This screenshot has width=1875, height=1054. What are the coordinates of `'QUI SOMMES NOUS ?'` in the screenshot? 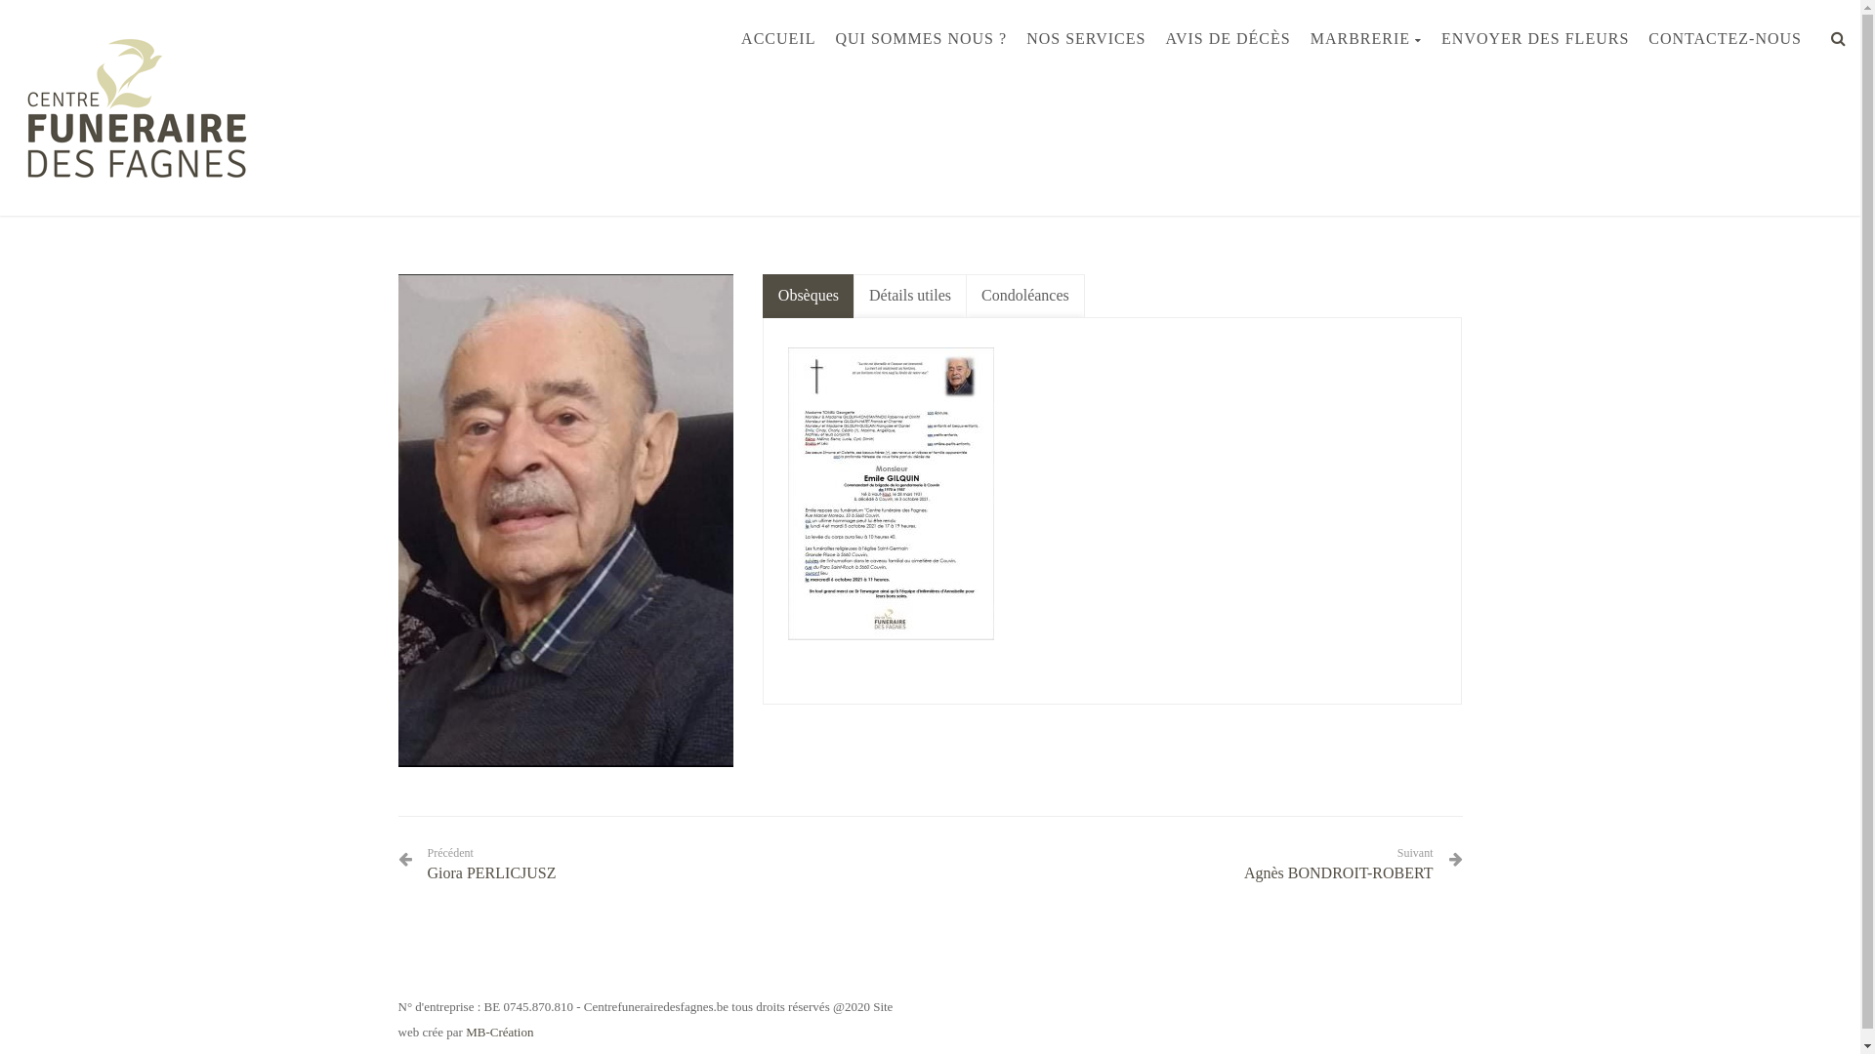 It's located at (919, 38).